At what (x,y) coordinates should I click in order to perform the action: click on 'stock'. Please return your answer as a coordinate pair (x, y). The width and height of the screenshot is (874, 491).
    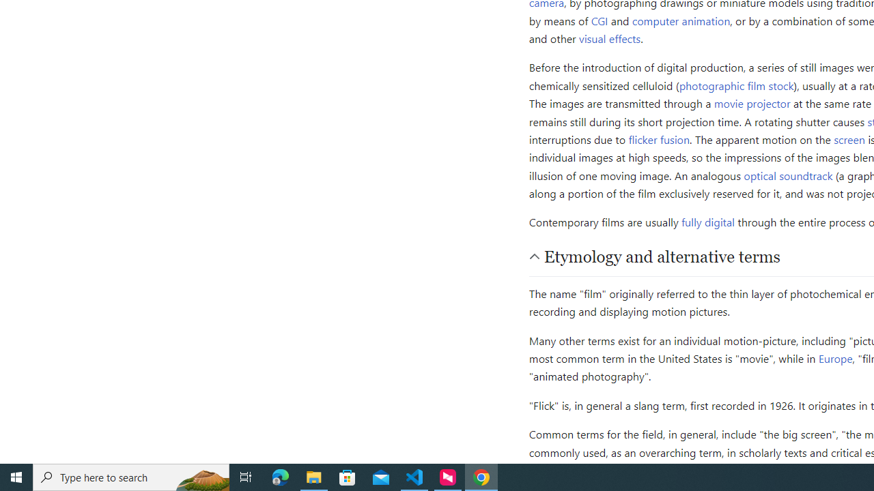
    Looking at the image, I should click on (781, 85).